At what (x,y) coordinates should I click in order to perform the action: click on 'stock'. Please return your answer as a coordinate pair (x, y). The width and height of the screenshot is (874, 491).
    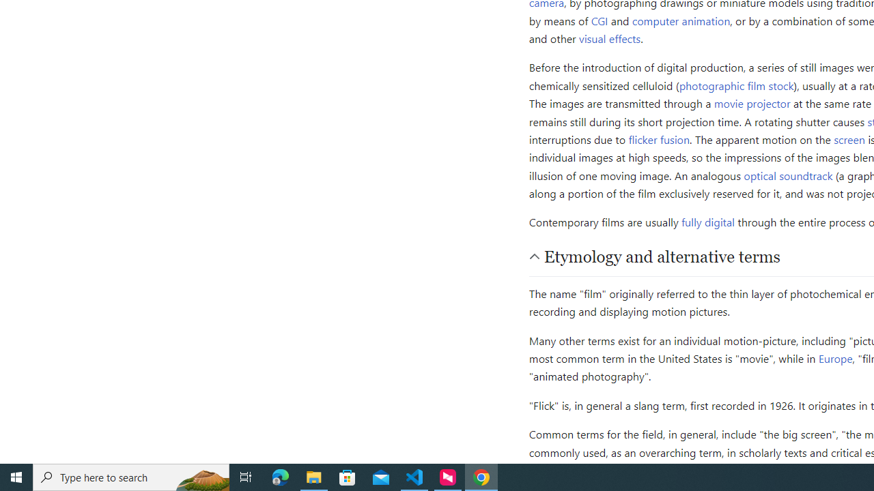
    Looking at the image, I should click on (781, 85).